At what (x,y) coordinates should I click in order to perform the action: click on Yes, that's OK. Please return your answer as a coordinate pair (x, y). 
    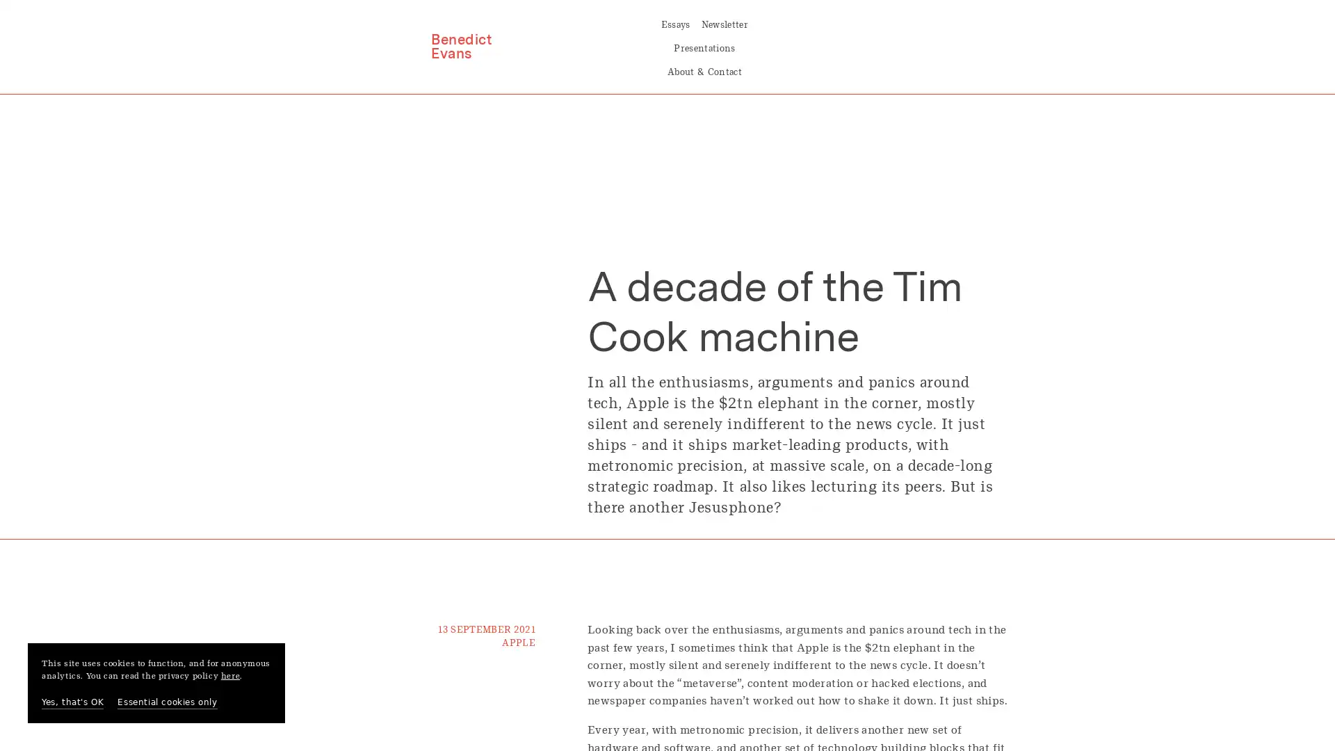
    Looking at the image, I should click on (72, 702).